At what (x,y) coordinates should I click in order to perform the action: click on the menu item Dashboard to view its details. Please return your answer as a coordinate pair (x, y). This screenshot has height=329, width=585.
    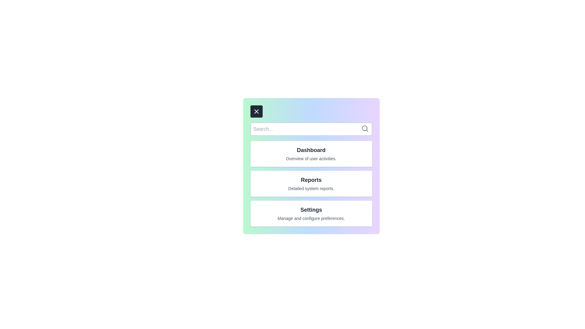
    Looking at the image, I should click on (311, 154).